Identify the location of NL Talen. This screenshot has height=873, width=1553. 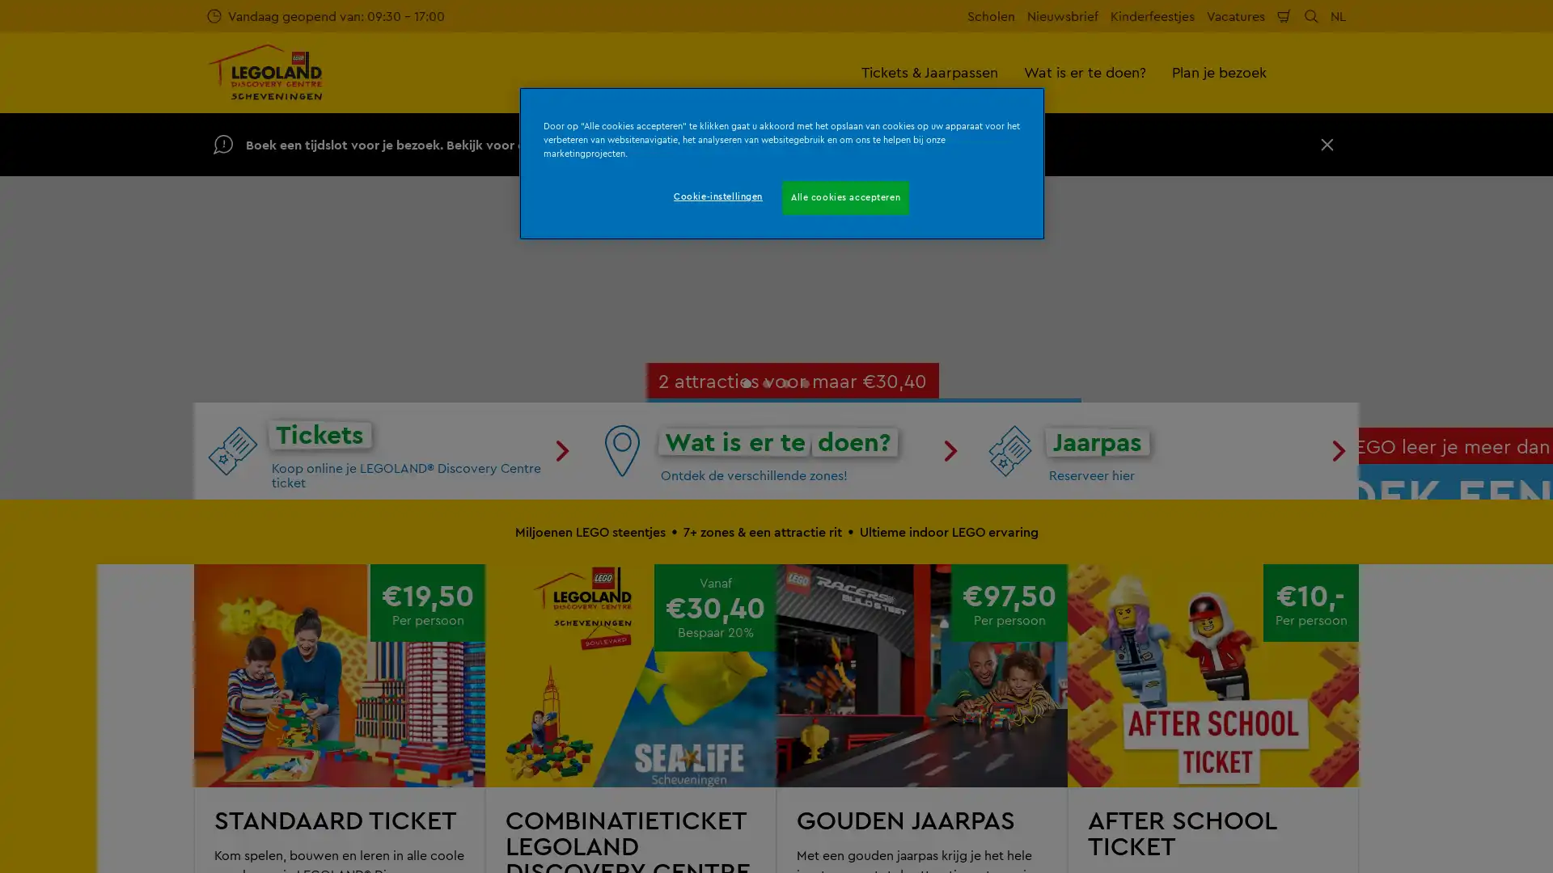
(1338, 15).